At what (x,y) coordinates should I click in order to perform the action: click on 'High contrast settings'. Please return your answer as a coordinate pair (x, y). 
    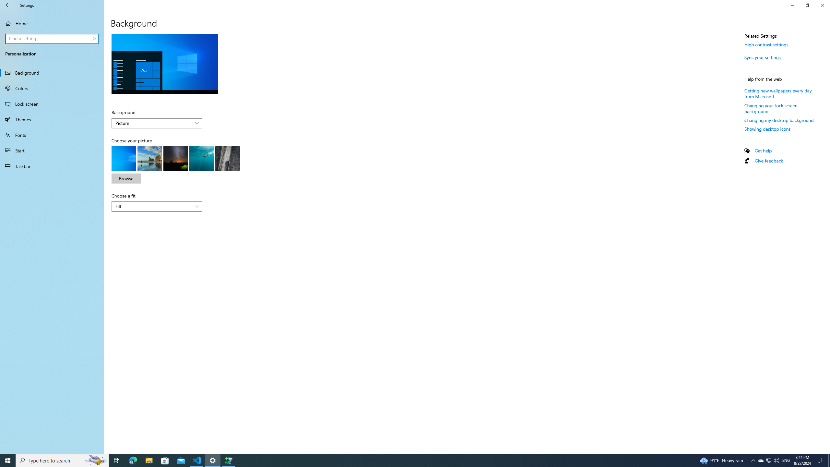
    Looking at the image, I should click on (766, 44).